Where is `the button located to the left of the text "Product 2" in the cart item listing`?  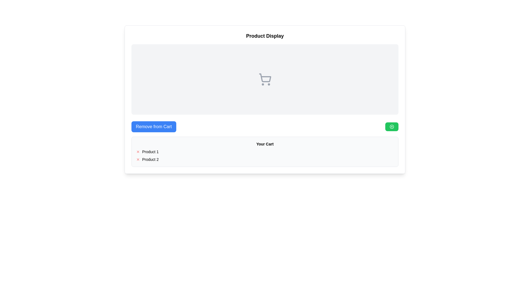 the button located to the left of the text "Product 2" in the cart item listing is located at coordinates (138, 159).